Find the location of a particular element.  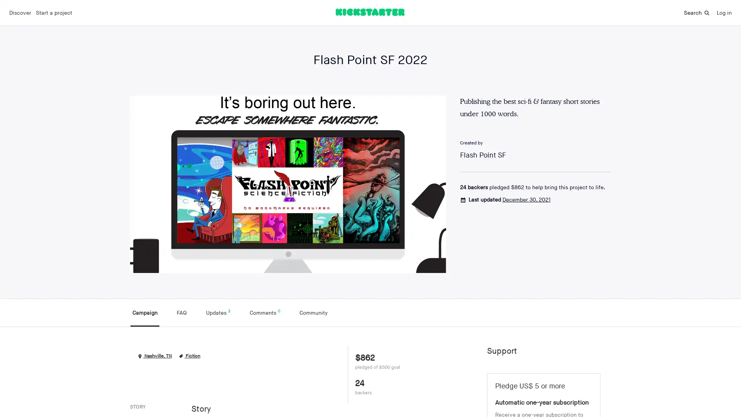

Save is located at coordinates (595, 339).